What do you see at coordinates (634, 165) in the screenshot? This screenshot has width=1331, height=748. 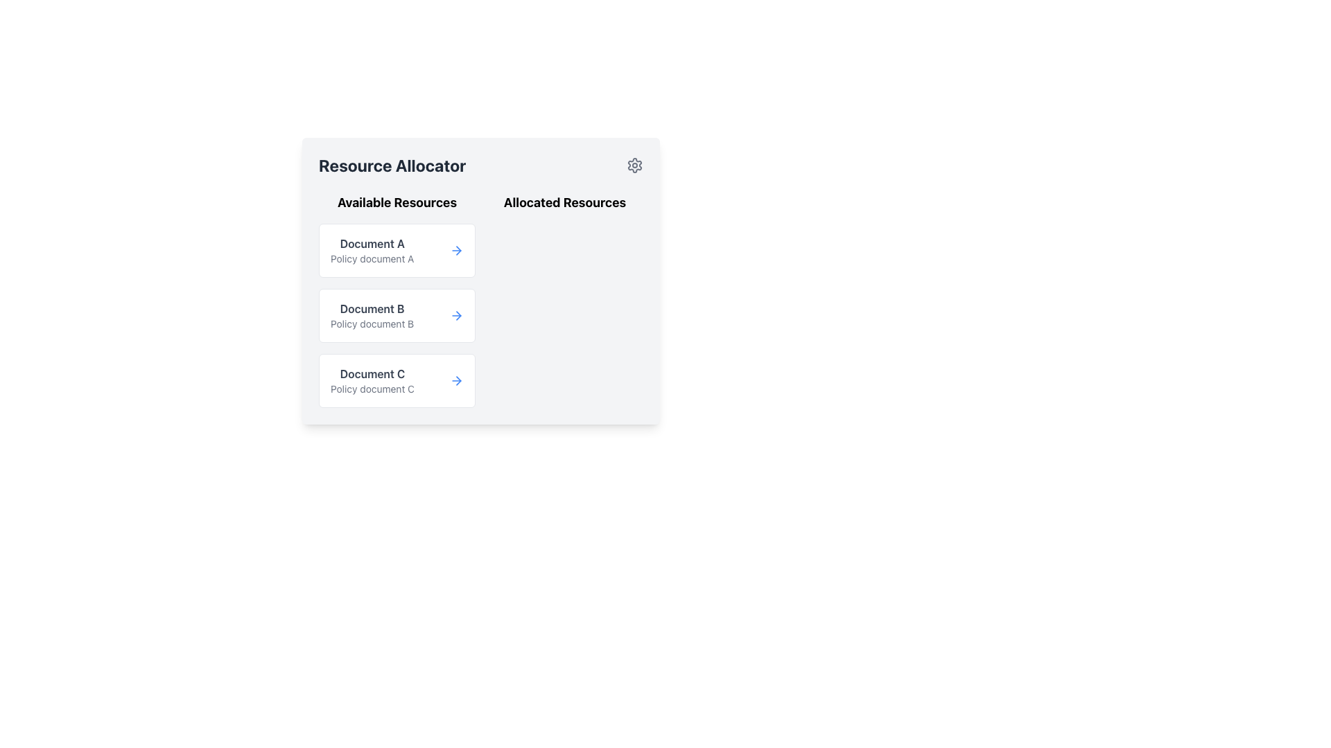 I see `the settings icon located in the top-right corner of the 'Resource Allocator' card` at bounding box center [634, 165].